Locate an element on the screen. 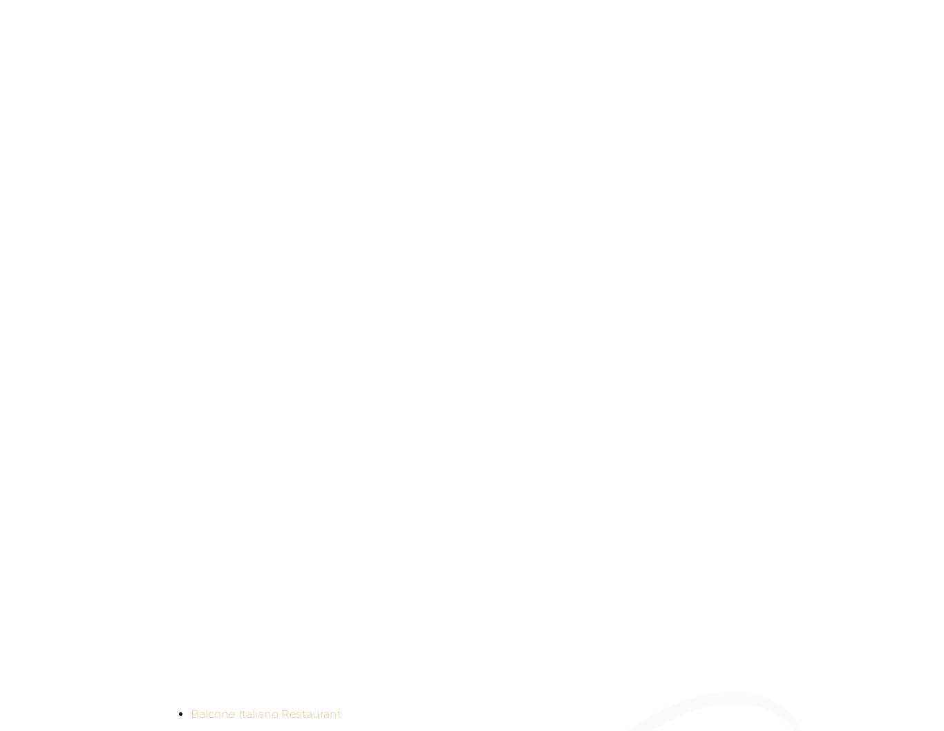 The height and width of the screenshot is (731, 944). 'BOOK NOW' is located at coordinates (932, 84).